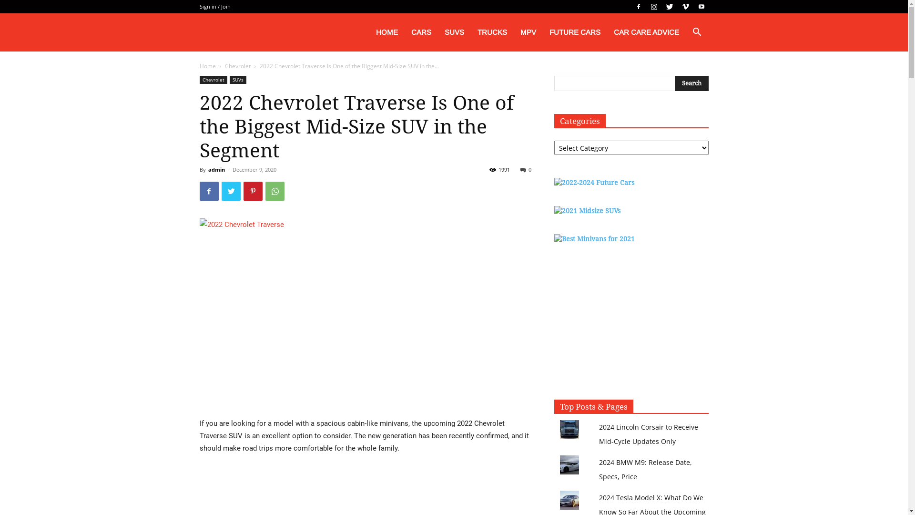 The image size is (915, 515). I want to click on 'Search', so click(691, 82).